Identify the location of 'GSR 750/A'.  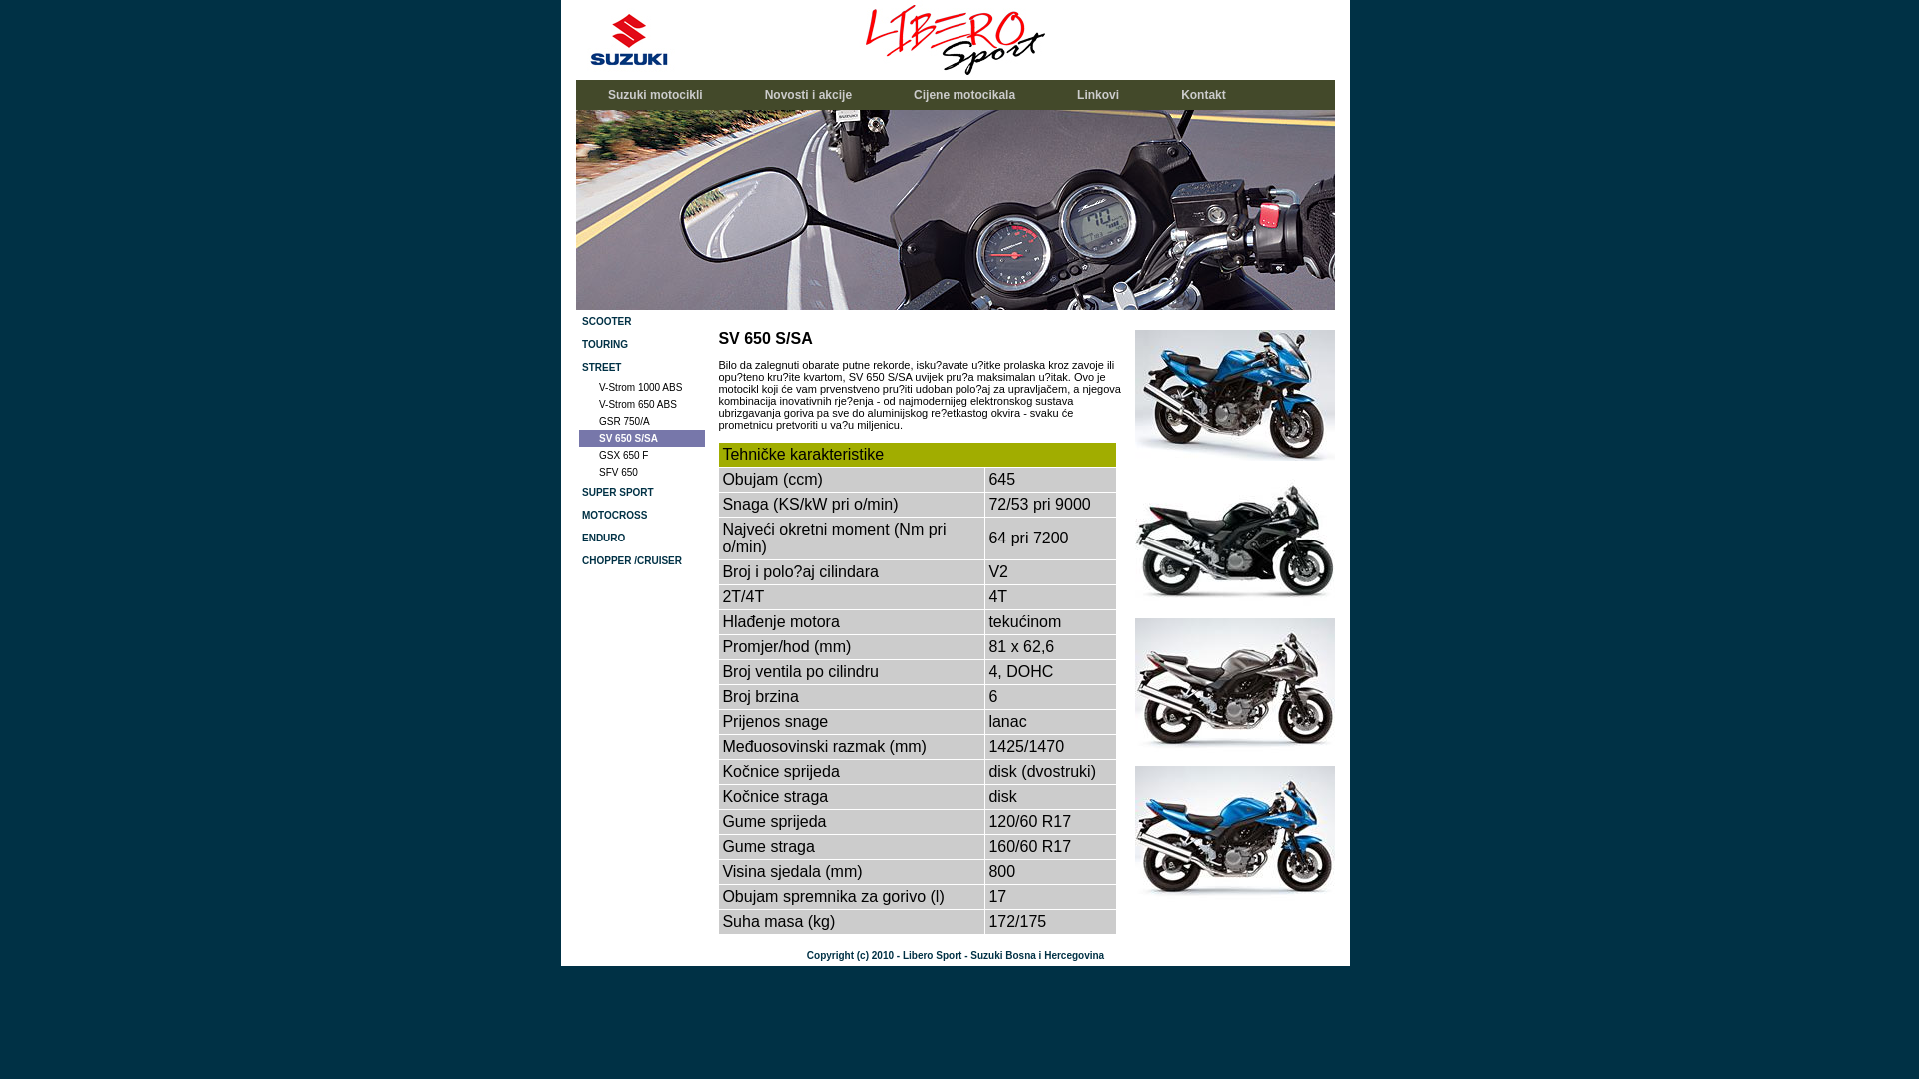
(642, 420).